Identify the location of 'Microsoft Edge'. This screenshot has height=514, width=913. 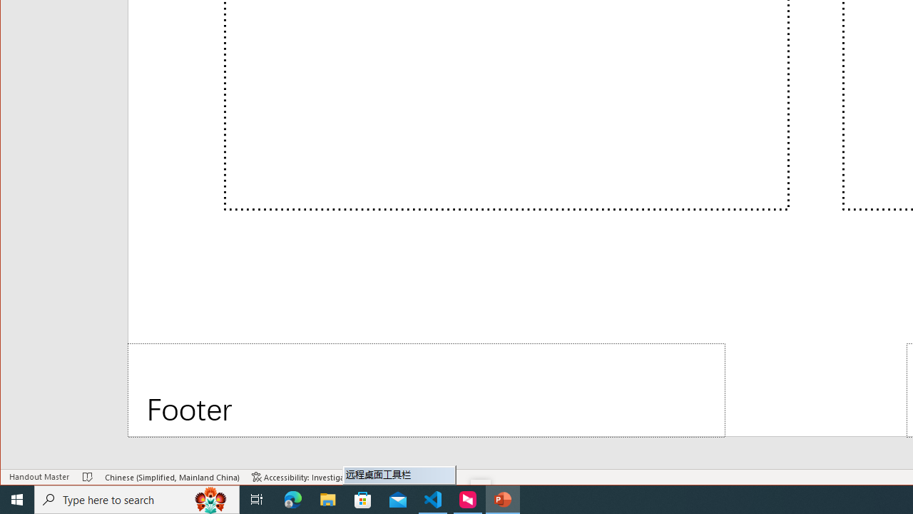
(292, 498).